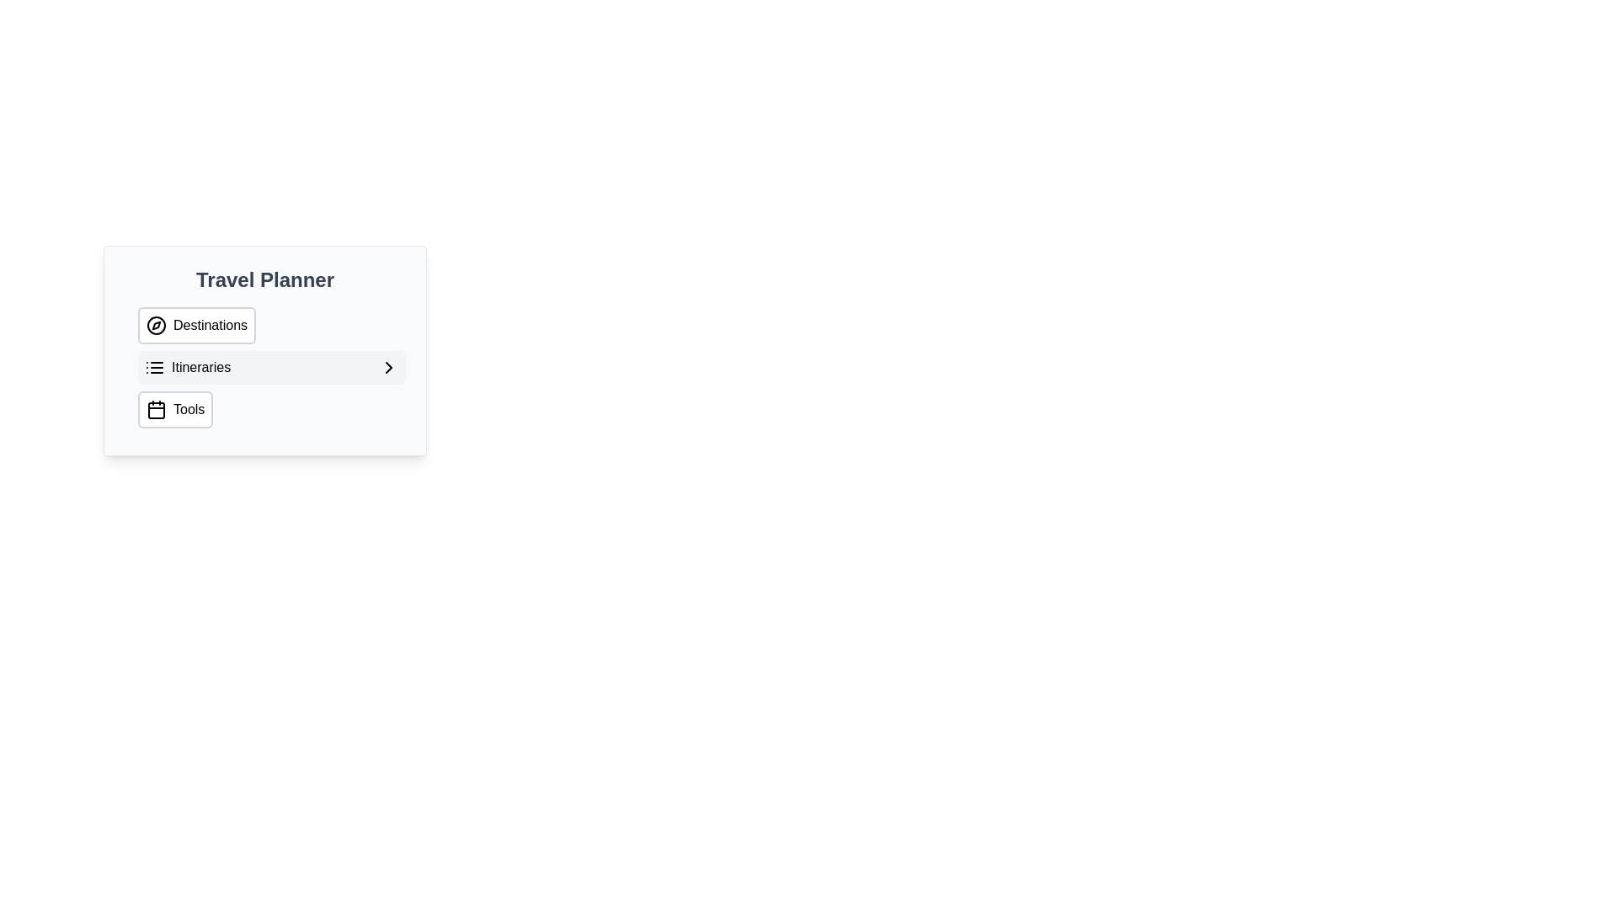 Image resolution: width=1617 pixels, height=909 pixels. Describe the element at coordinates (271, 325) in the screenshot. I see `the first button in the vertical list under 'Travel Planner'` at that location.